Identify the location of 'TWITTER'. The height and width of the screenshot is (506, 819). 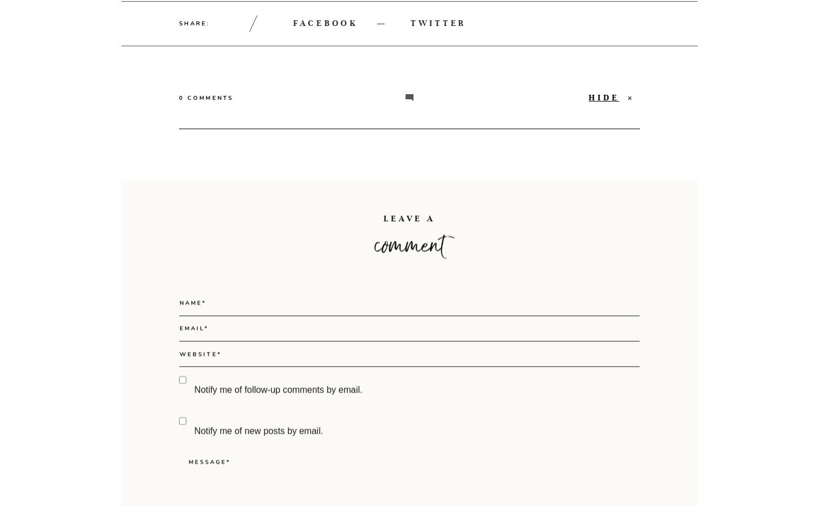
(410, 22).